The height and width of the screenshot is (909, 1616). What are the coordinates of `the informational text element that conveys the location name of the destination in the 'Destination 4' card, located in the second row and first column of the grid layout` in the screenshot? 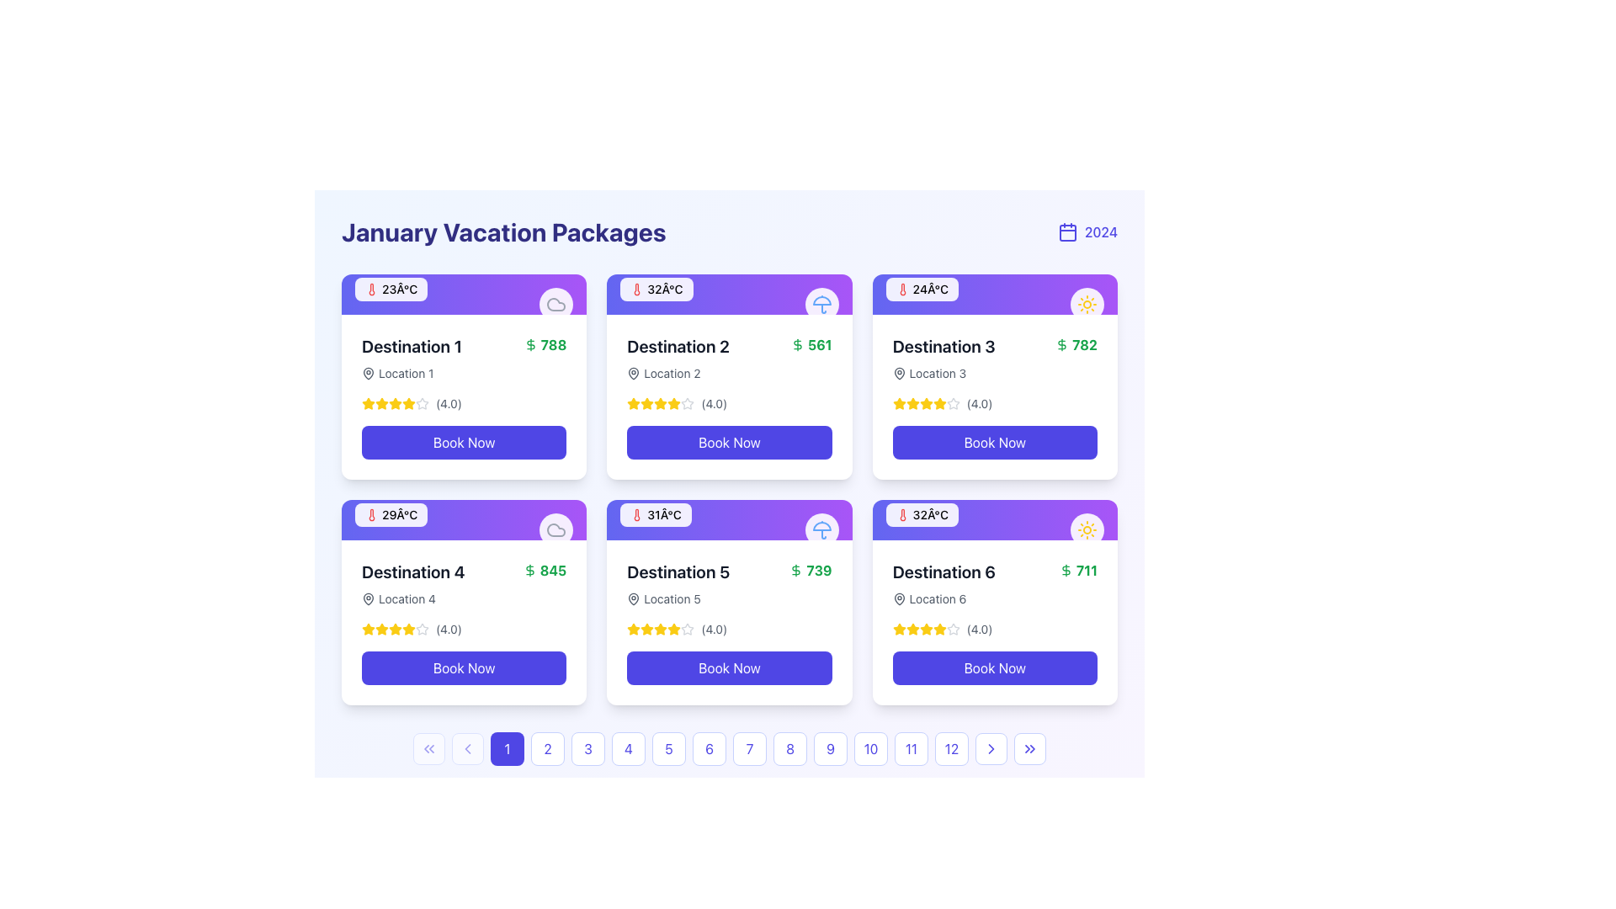 It's located at (413, 598).